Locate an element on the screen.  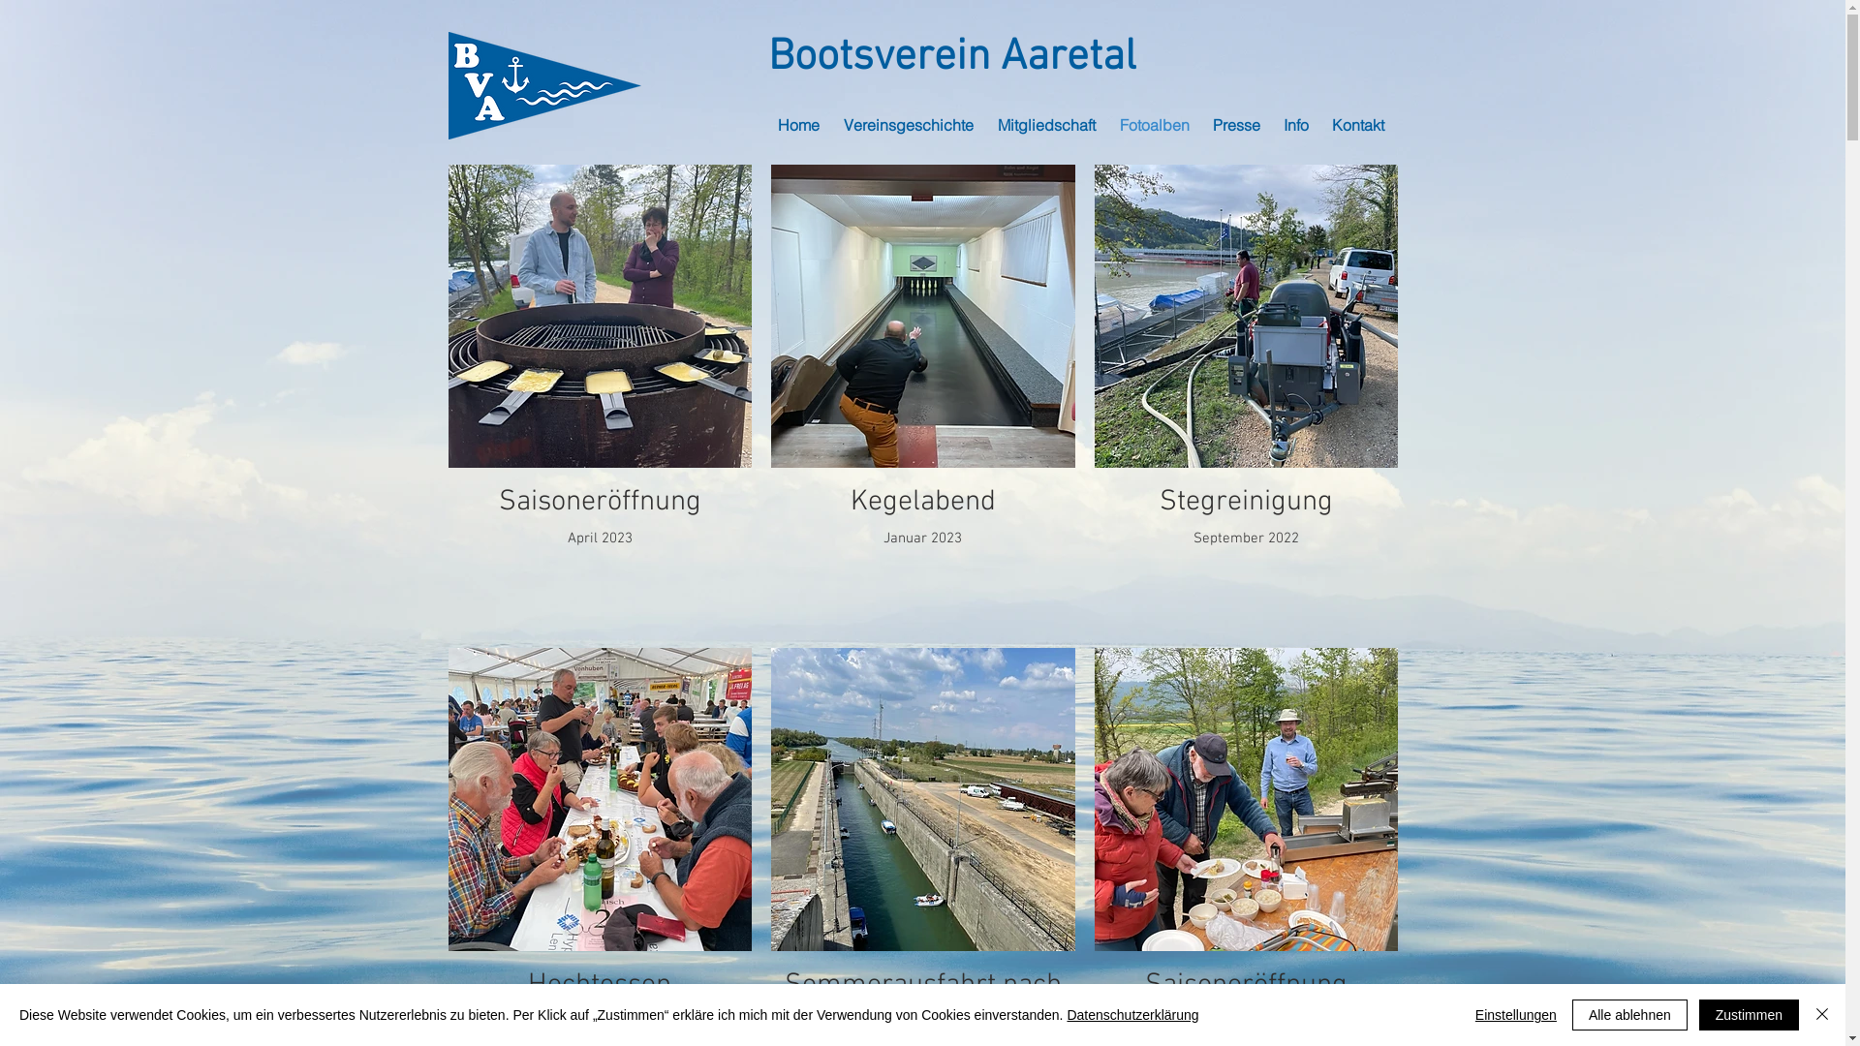
'Bootsverein Aaretal' is located at coordinates (951, 57).